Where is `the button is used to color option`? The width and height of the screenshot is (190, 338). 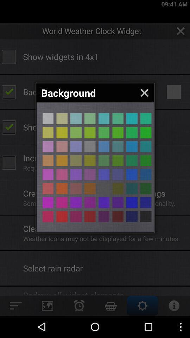
the button is used to color option is located at coordinates (132, 188).